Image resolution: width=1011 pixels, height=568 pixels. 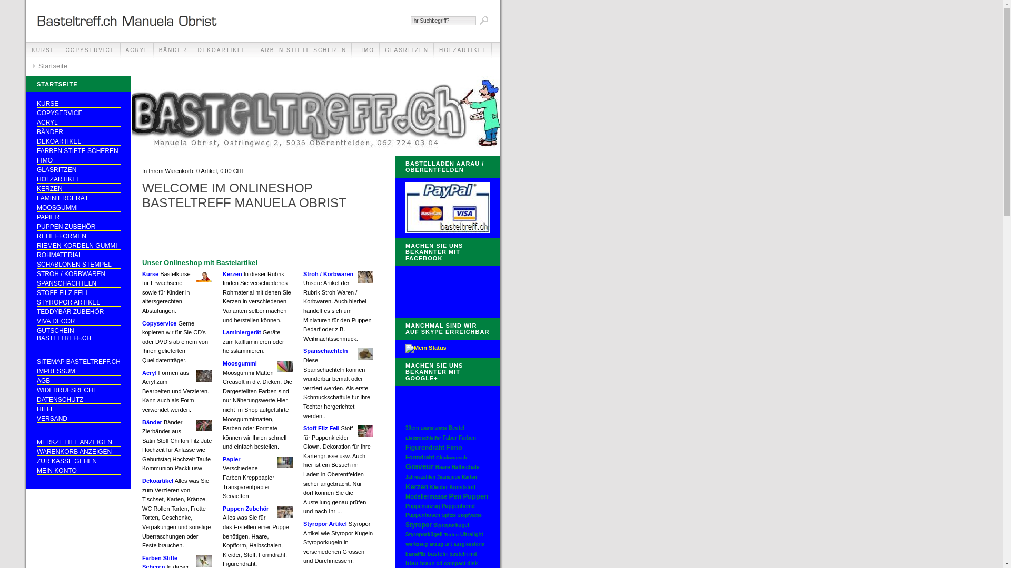 I want to click on 'Styroporkugel', so click(x=451, y=525).